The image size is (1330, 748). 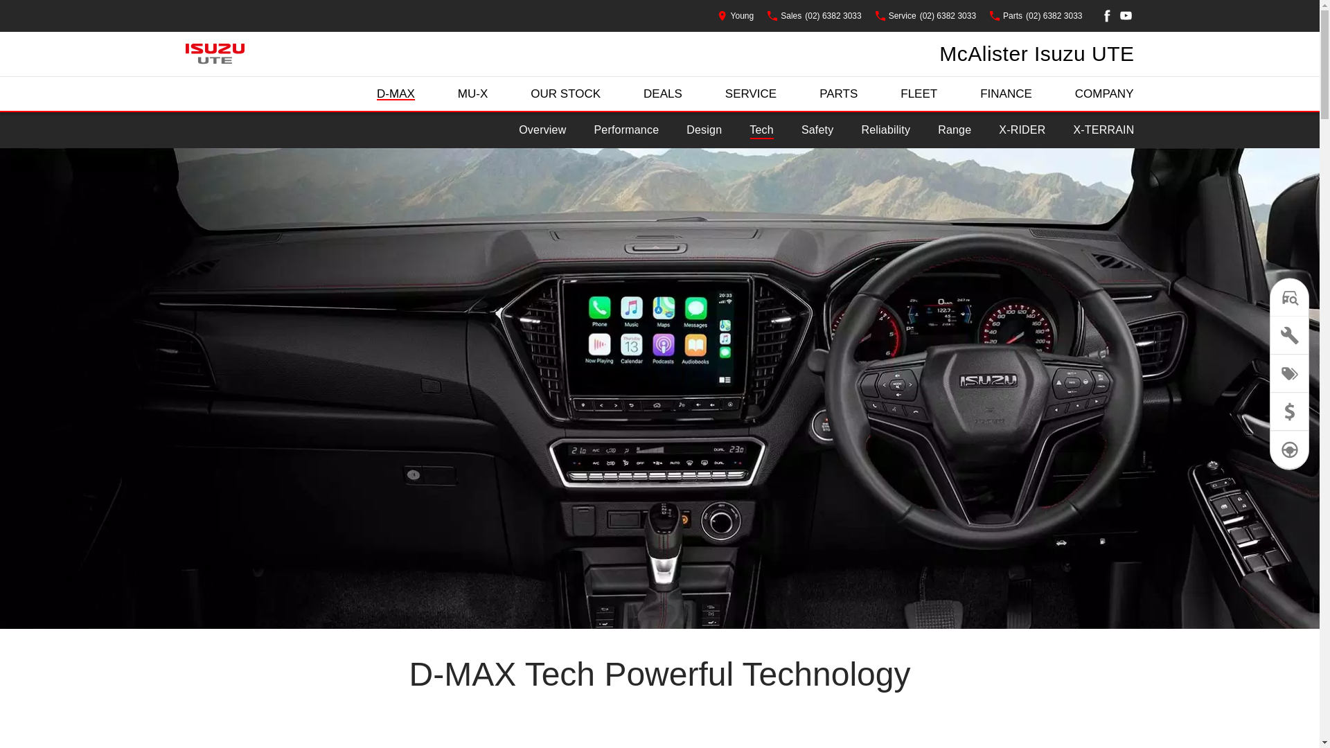 What do you see at coordinates (679, 130) in the screenshot?
I see `'Design'` at bounding box center [679, 130].